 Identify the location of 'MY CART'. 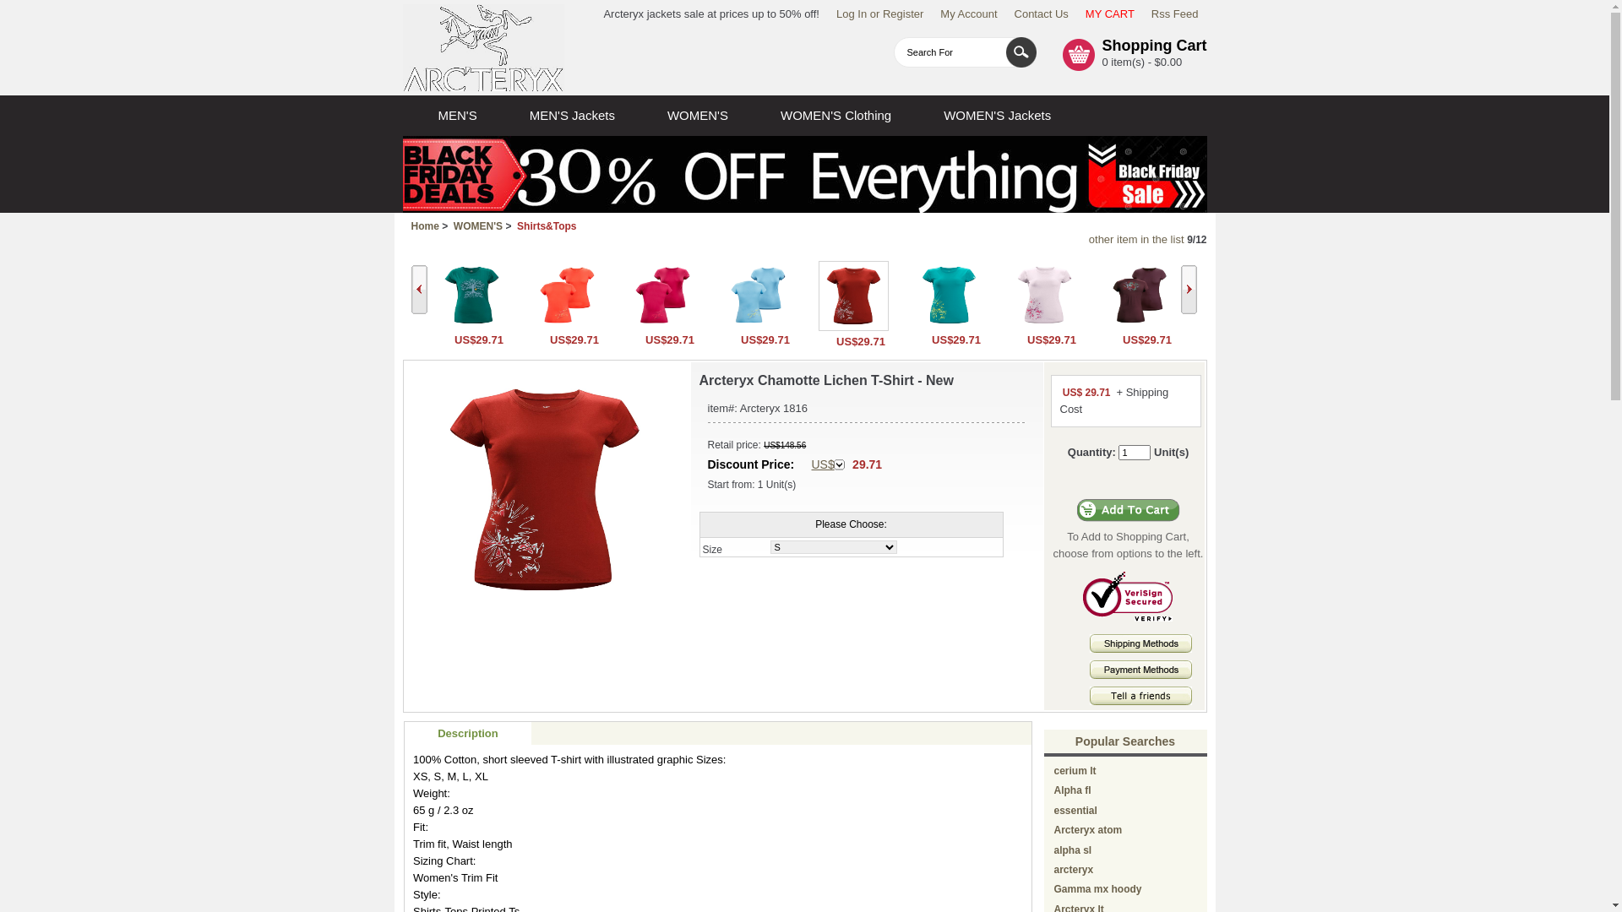
(1110, 14).